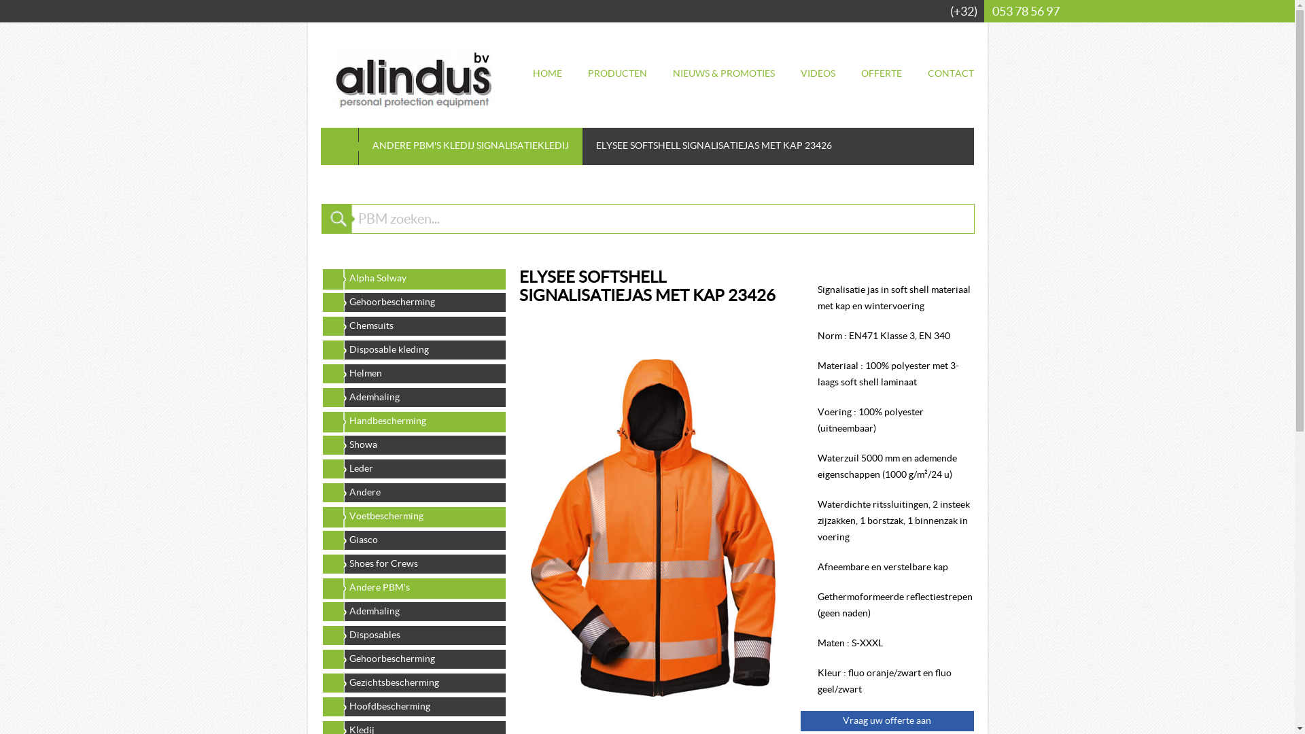  Describe the element at coordinates (817, 73) in the screenshot. I see `'VIDEOS'` at that location.